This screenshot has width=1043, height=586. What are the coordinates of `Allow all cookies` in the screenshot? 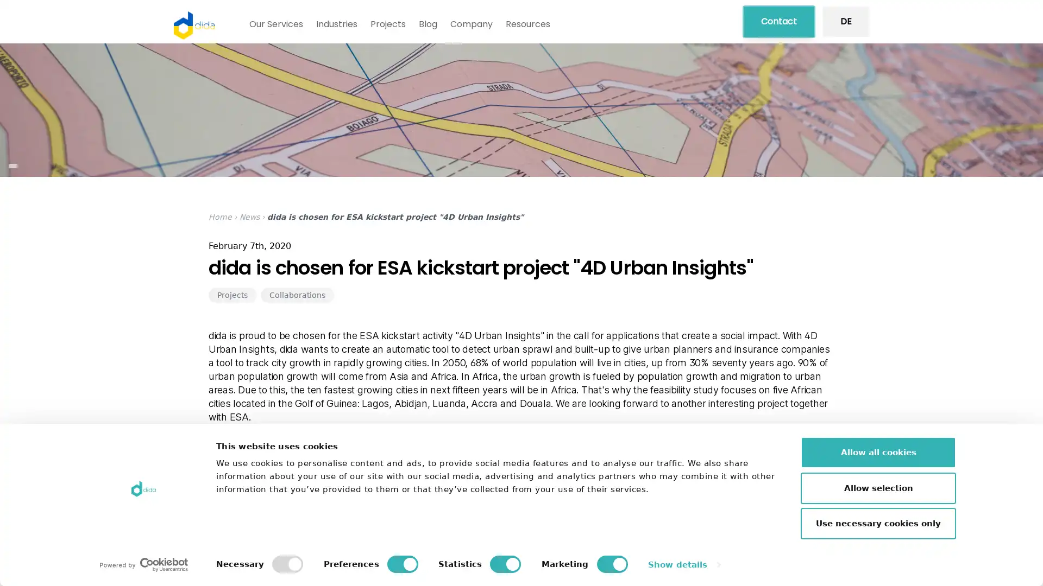 It's located at (878, 452).